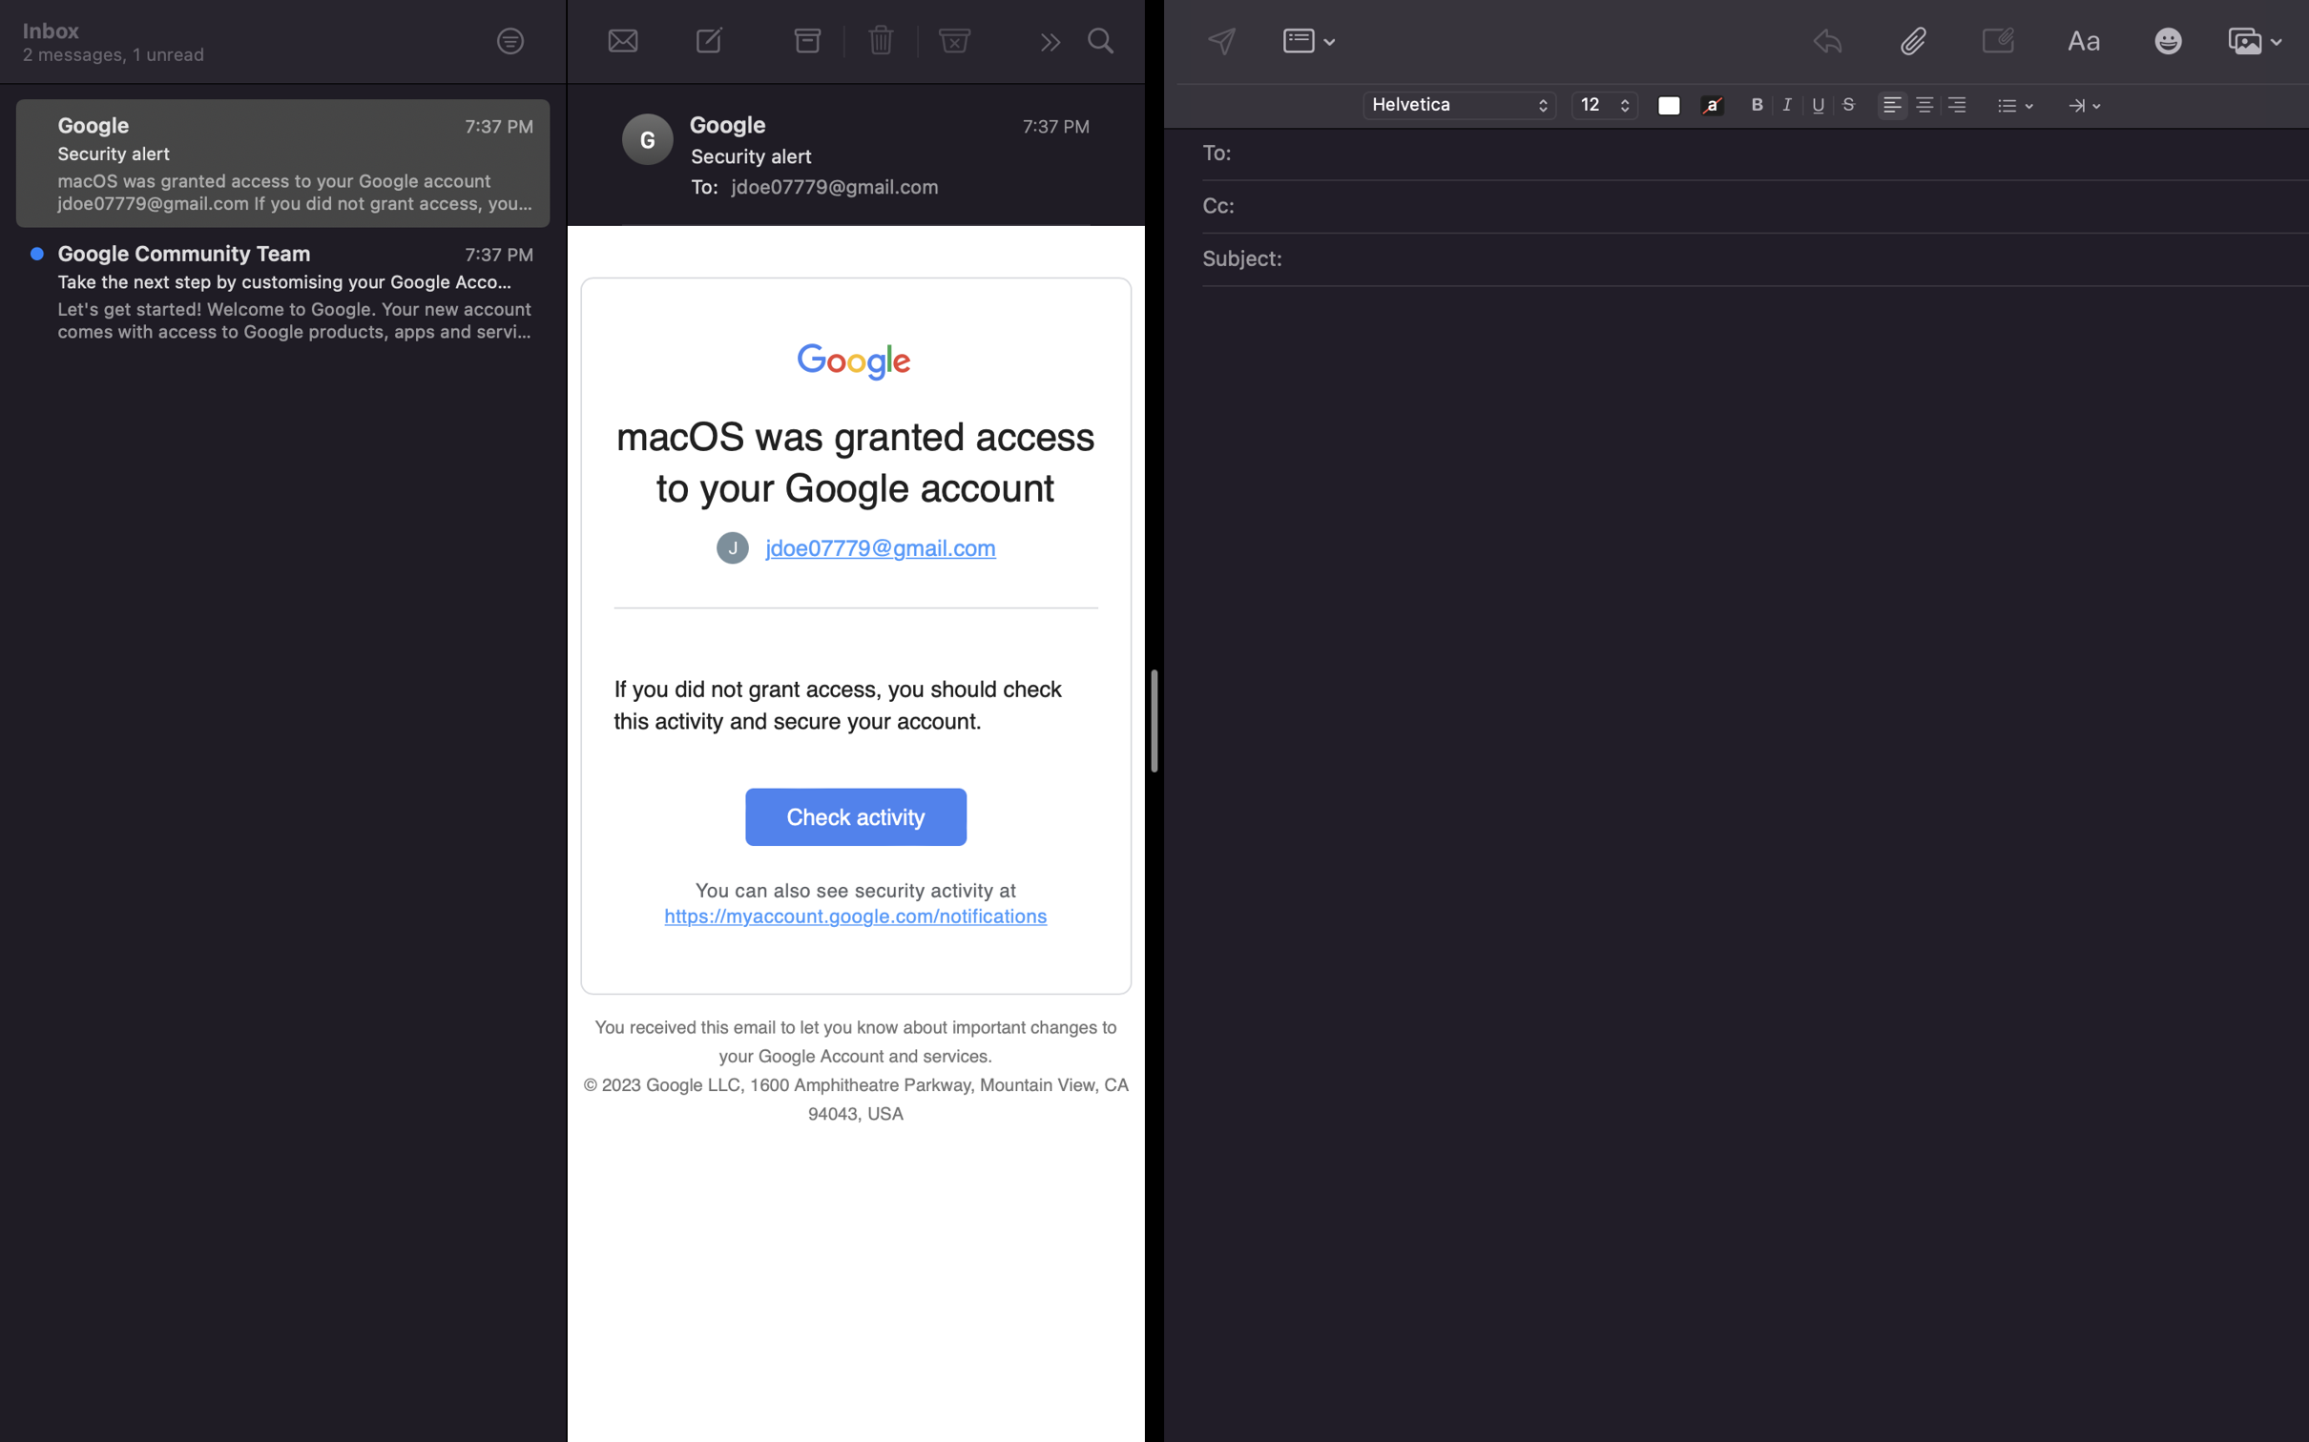 The width and height of the screenshot is (2309, 1442). I want to click on the writing size to 18pts, so click(1604, 106).